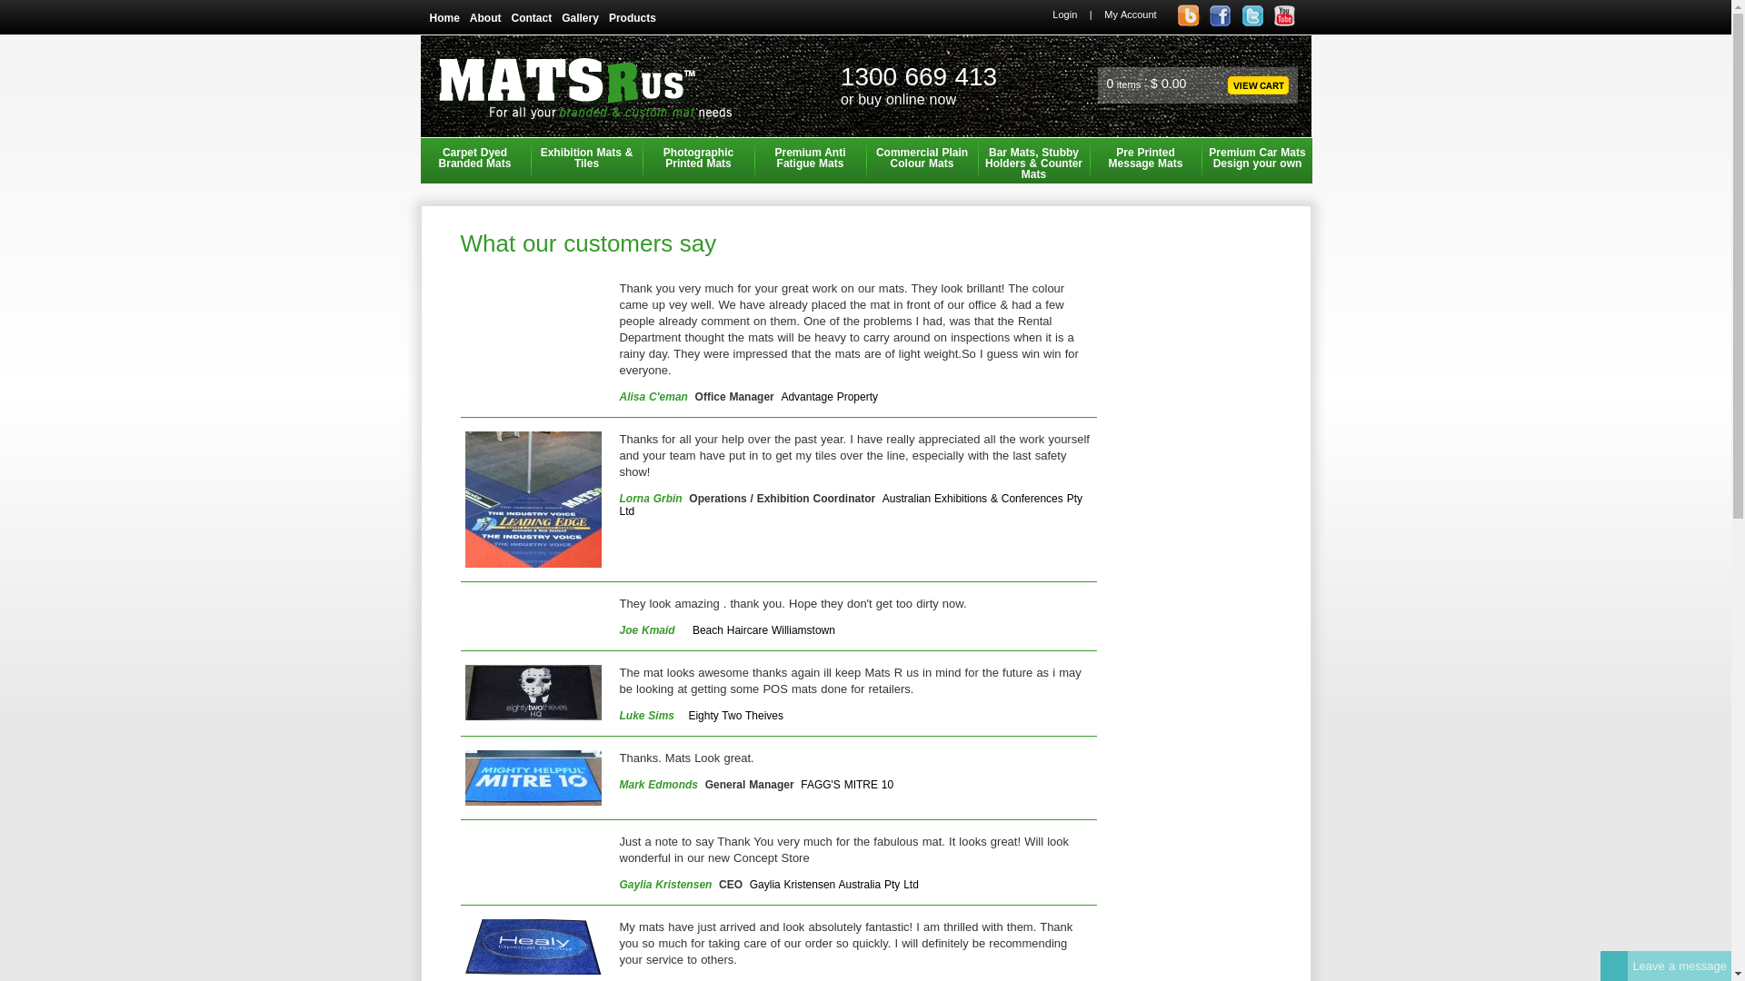  I want to click on 'YouTube account', so click(1268, 24).